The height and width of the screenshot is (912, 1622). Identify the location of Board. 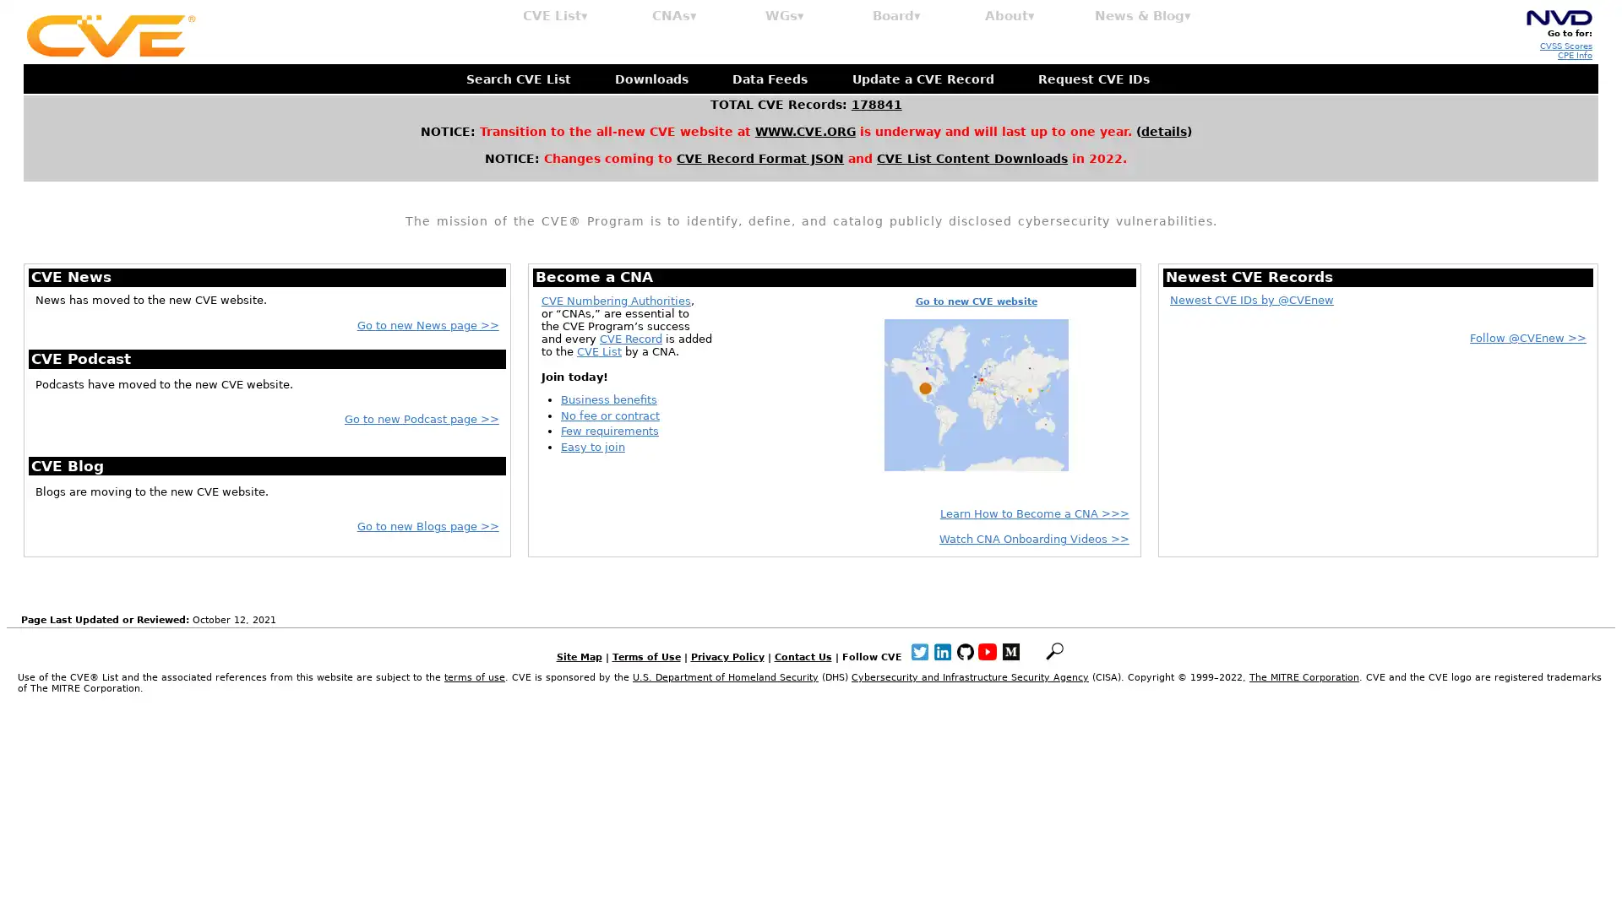
(895, 16).